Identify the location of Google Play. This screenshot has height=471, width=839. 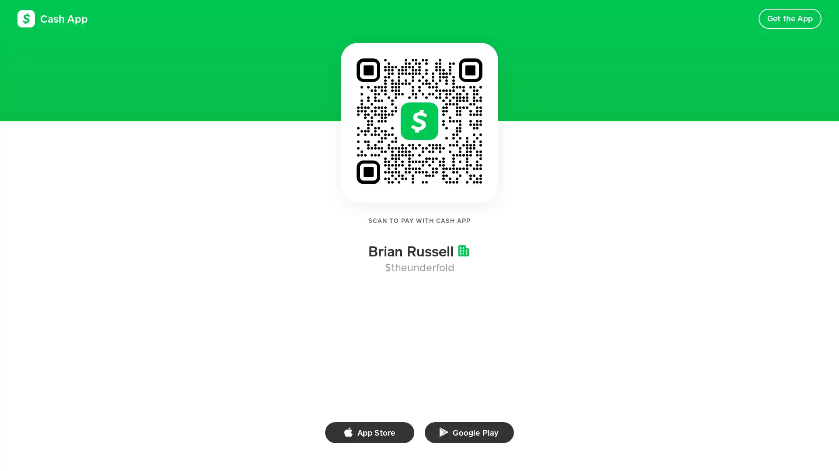
(469, 432).